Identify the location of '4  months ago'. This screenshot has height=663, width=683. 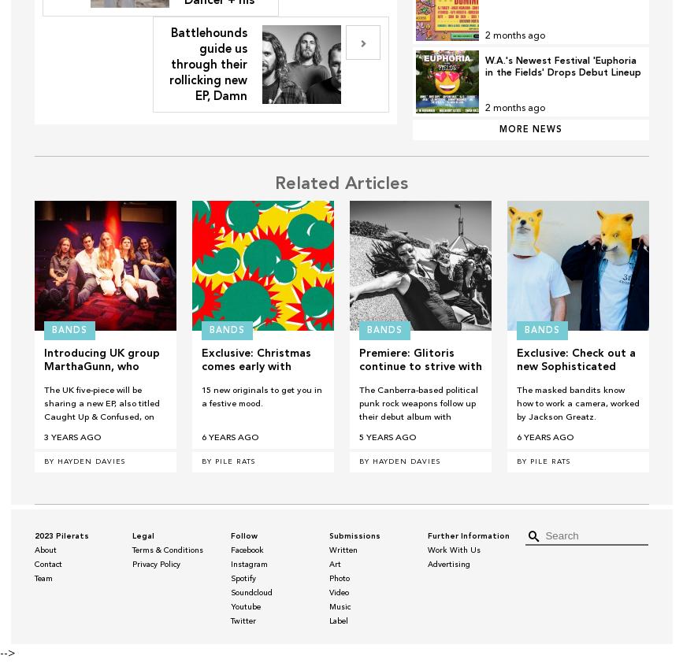
(514, 36).